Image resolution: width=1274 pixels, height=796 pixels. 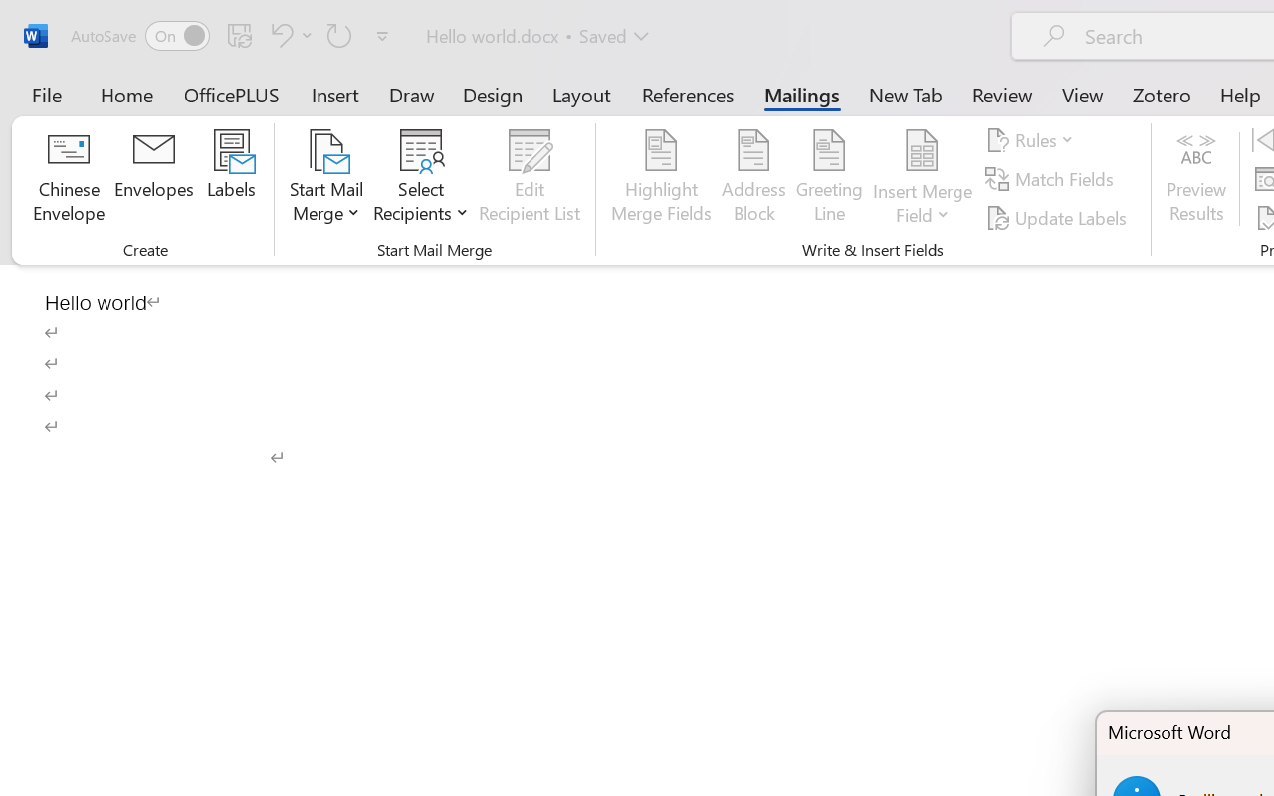 I want to click on 'Start Mail Merge', so click(x=326, y=178).